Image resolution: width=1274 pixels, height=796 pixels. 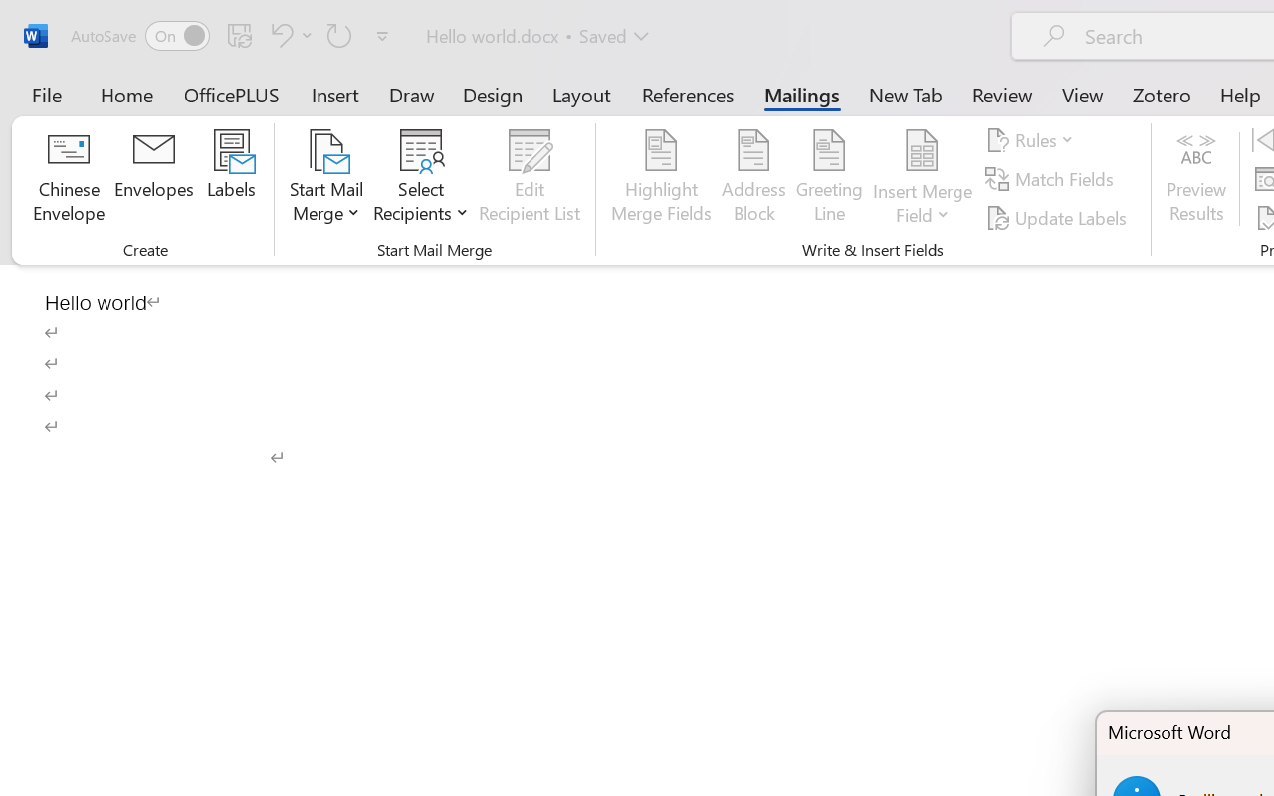 I want to click on 'Start Mail Merge', so click(x=326, y=178).